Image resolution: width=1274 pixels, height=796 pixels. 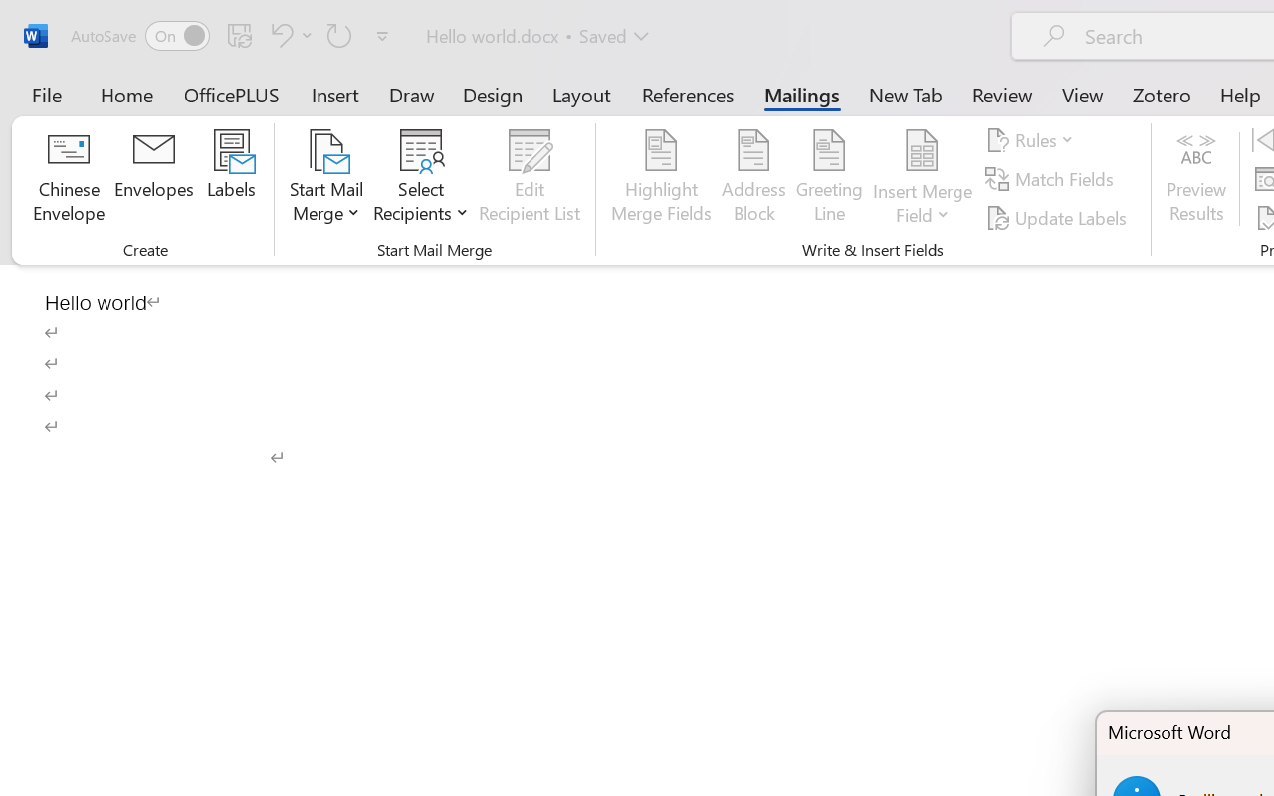 I want to click on 'Start Mail Merge', so click(x=326, y=178).